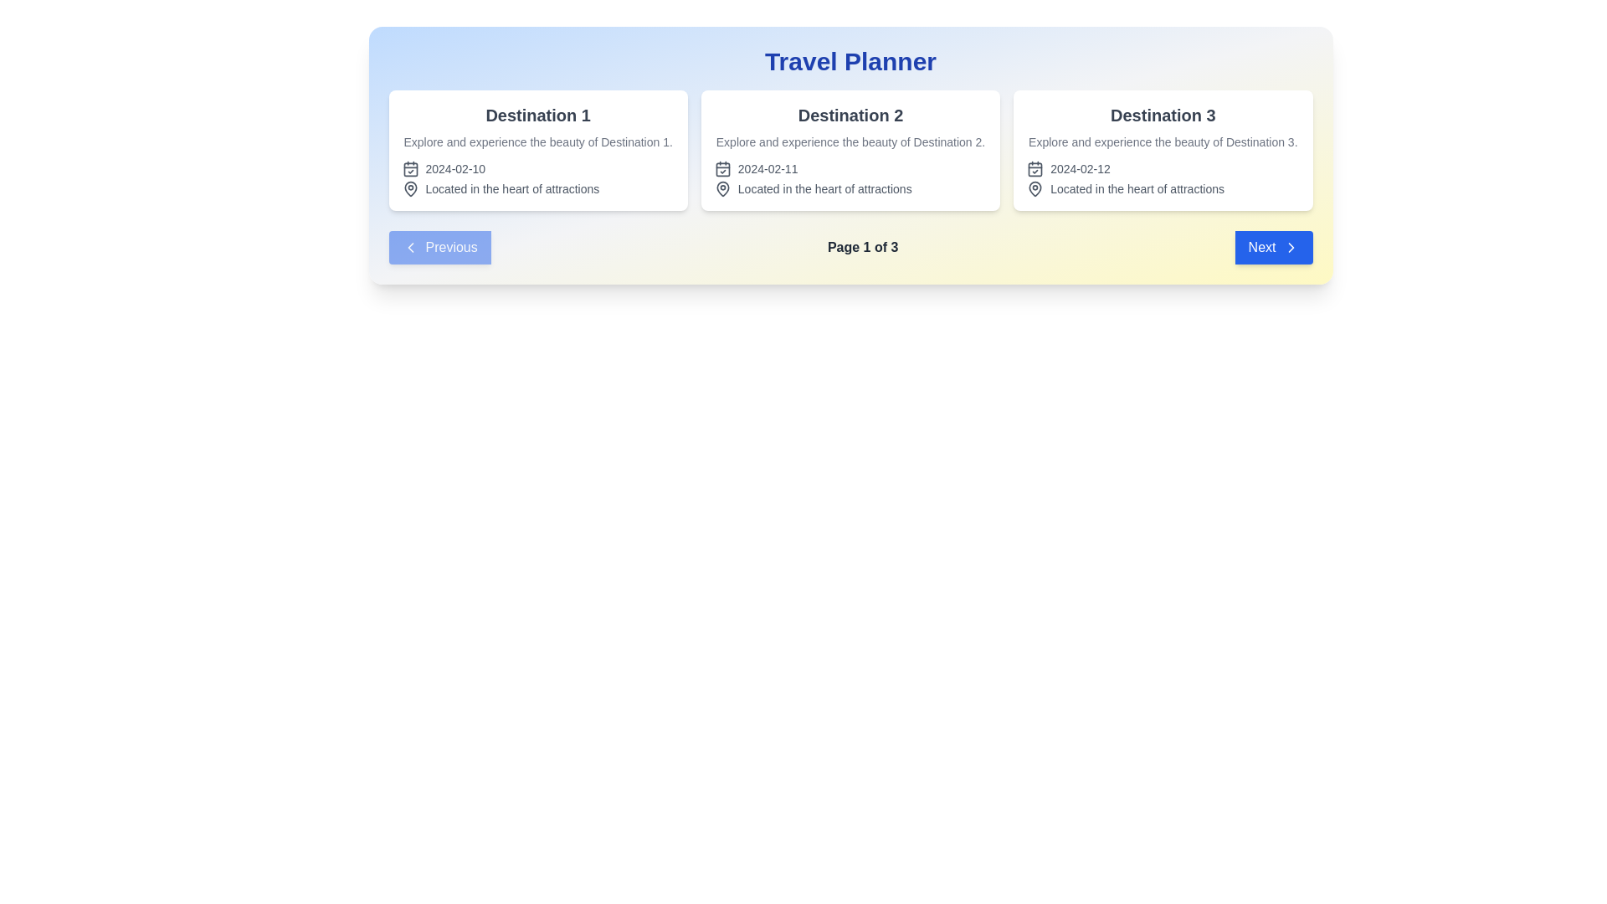 The width and height of the screenshot is (1607, 904). Describe the element at coordinates (1162, 151) in the screenshot. I see `details presented in the informational card titled 'Destination 3', which is the third card in a series of three positioned on the right side of the row` at that location.